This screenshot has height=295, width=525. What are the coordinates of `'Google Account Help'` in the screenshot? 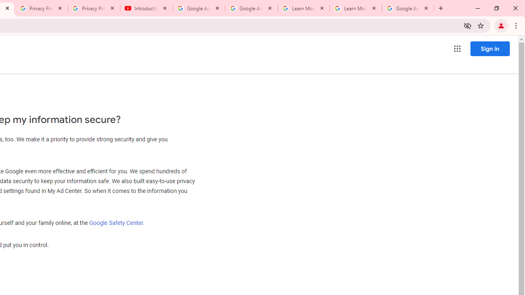 It's located at (199, 8).